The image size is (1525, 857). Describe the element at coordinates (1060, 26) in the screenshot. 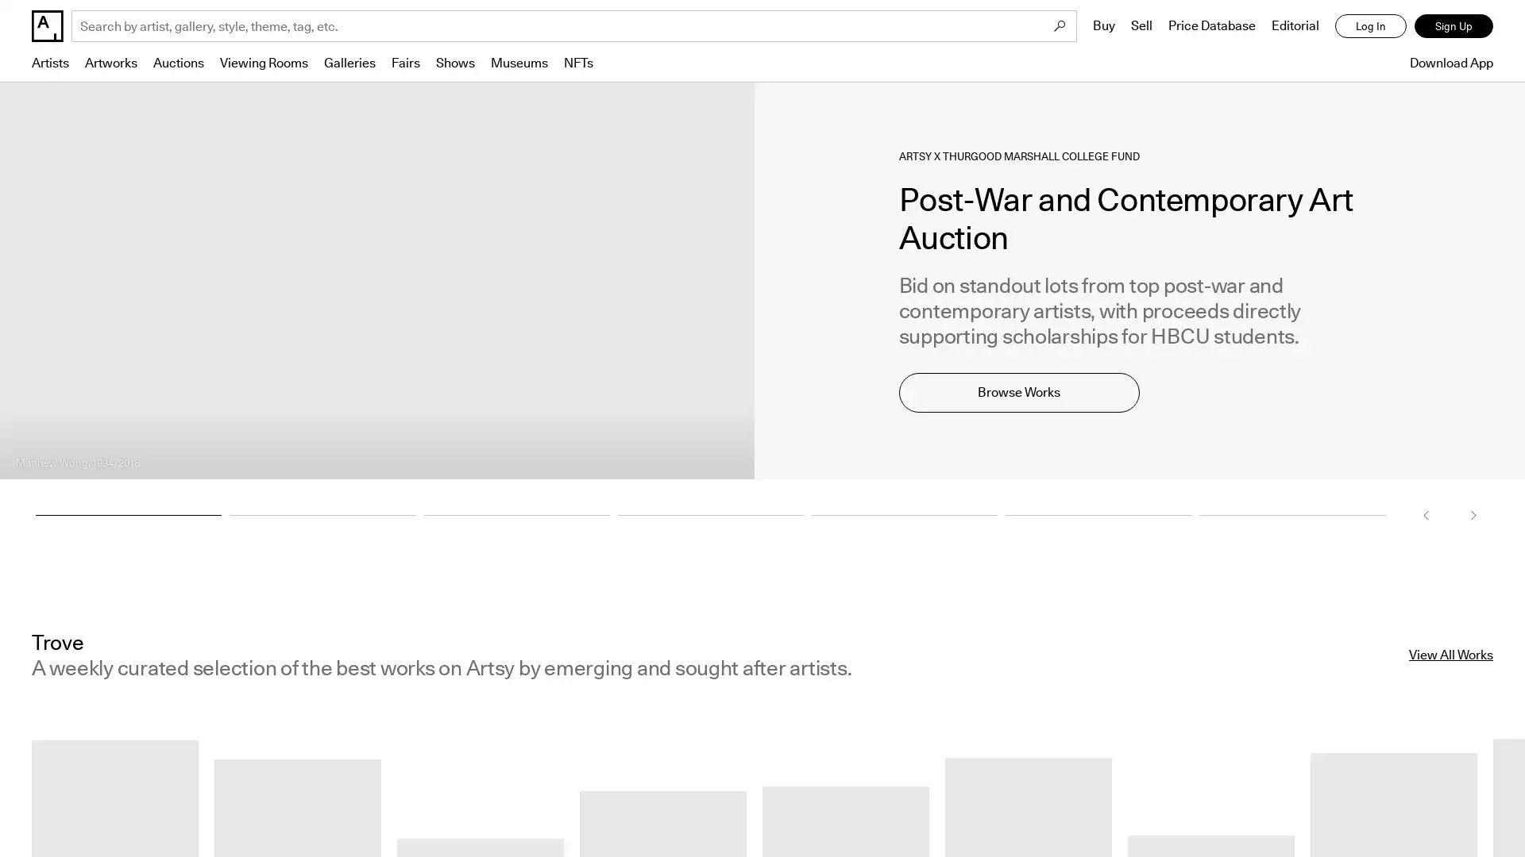

I see `Search` at that location.